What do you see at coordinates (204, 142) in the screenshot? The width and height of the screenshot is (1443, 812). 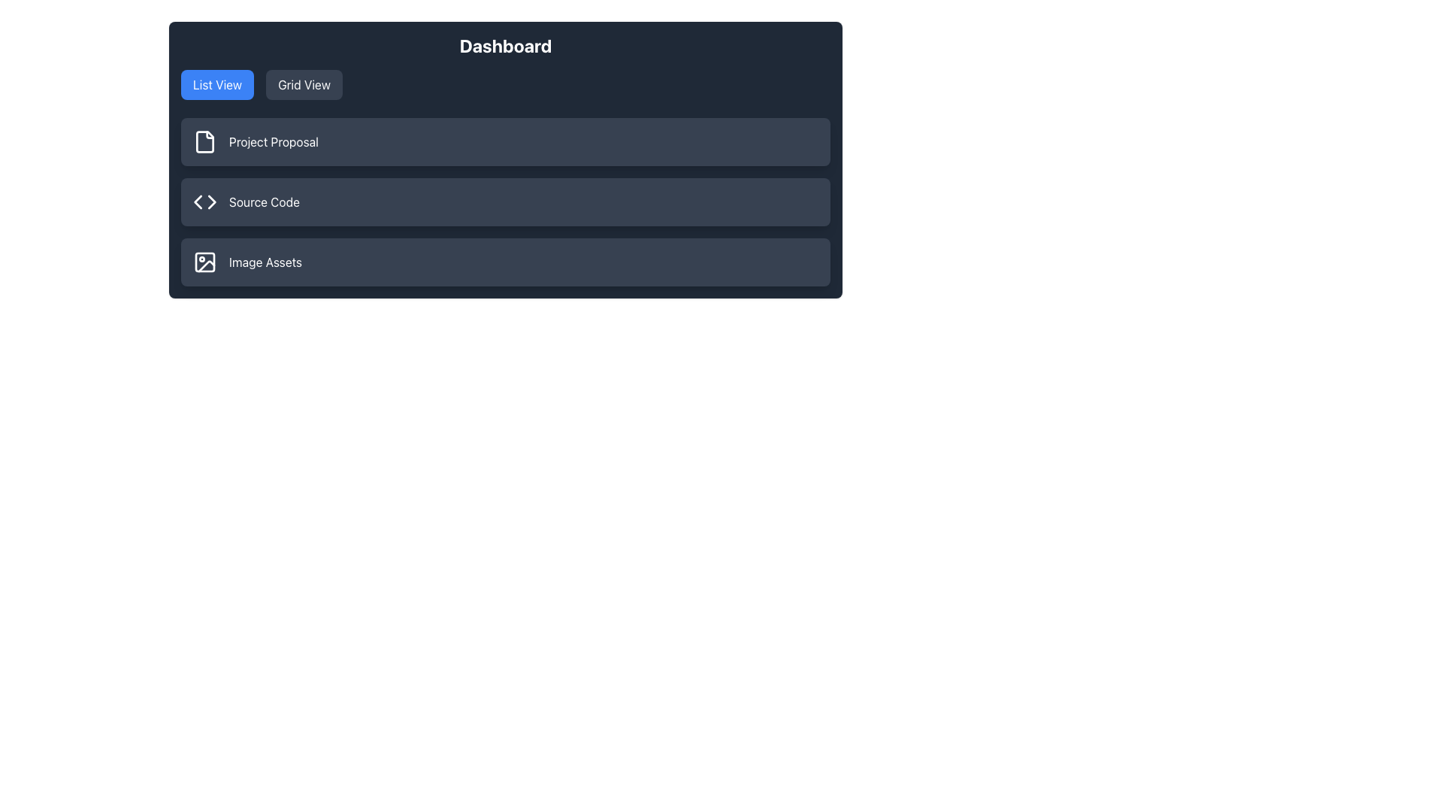 I see `the dark gray icon that resembles a partial outline of a paper document with a folded corner, located to the left of the 'Project Proposal' text` at bounding box center [204, 142].